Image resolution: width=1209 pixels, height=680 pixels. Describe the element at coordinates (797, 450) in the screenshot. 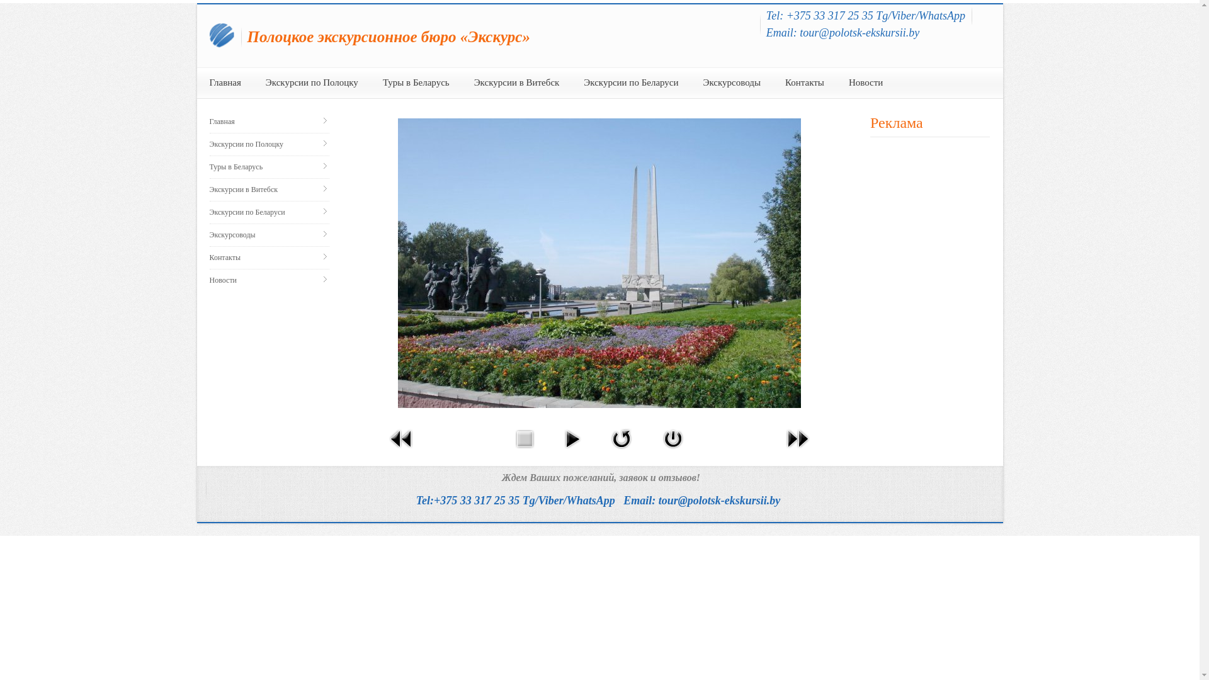

I see `'Next Image'` at that location.